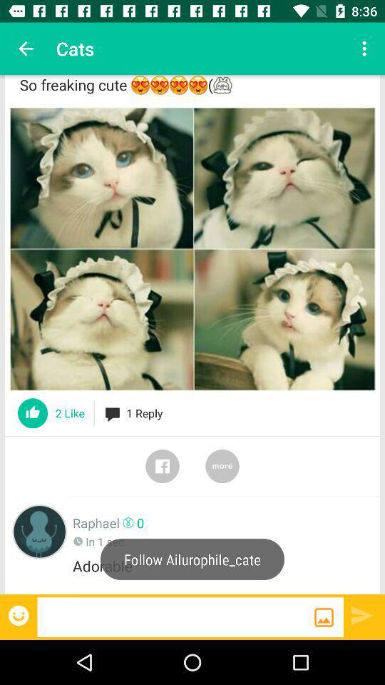 The image size is (385, 685). I want to click on icon next to raphael item, so click(39, 531).